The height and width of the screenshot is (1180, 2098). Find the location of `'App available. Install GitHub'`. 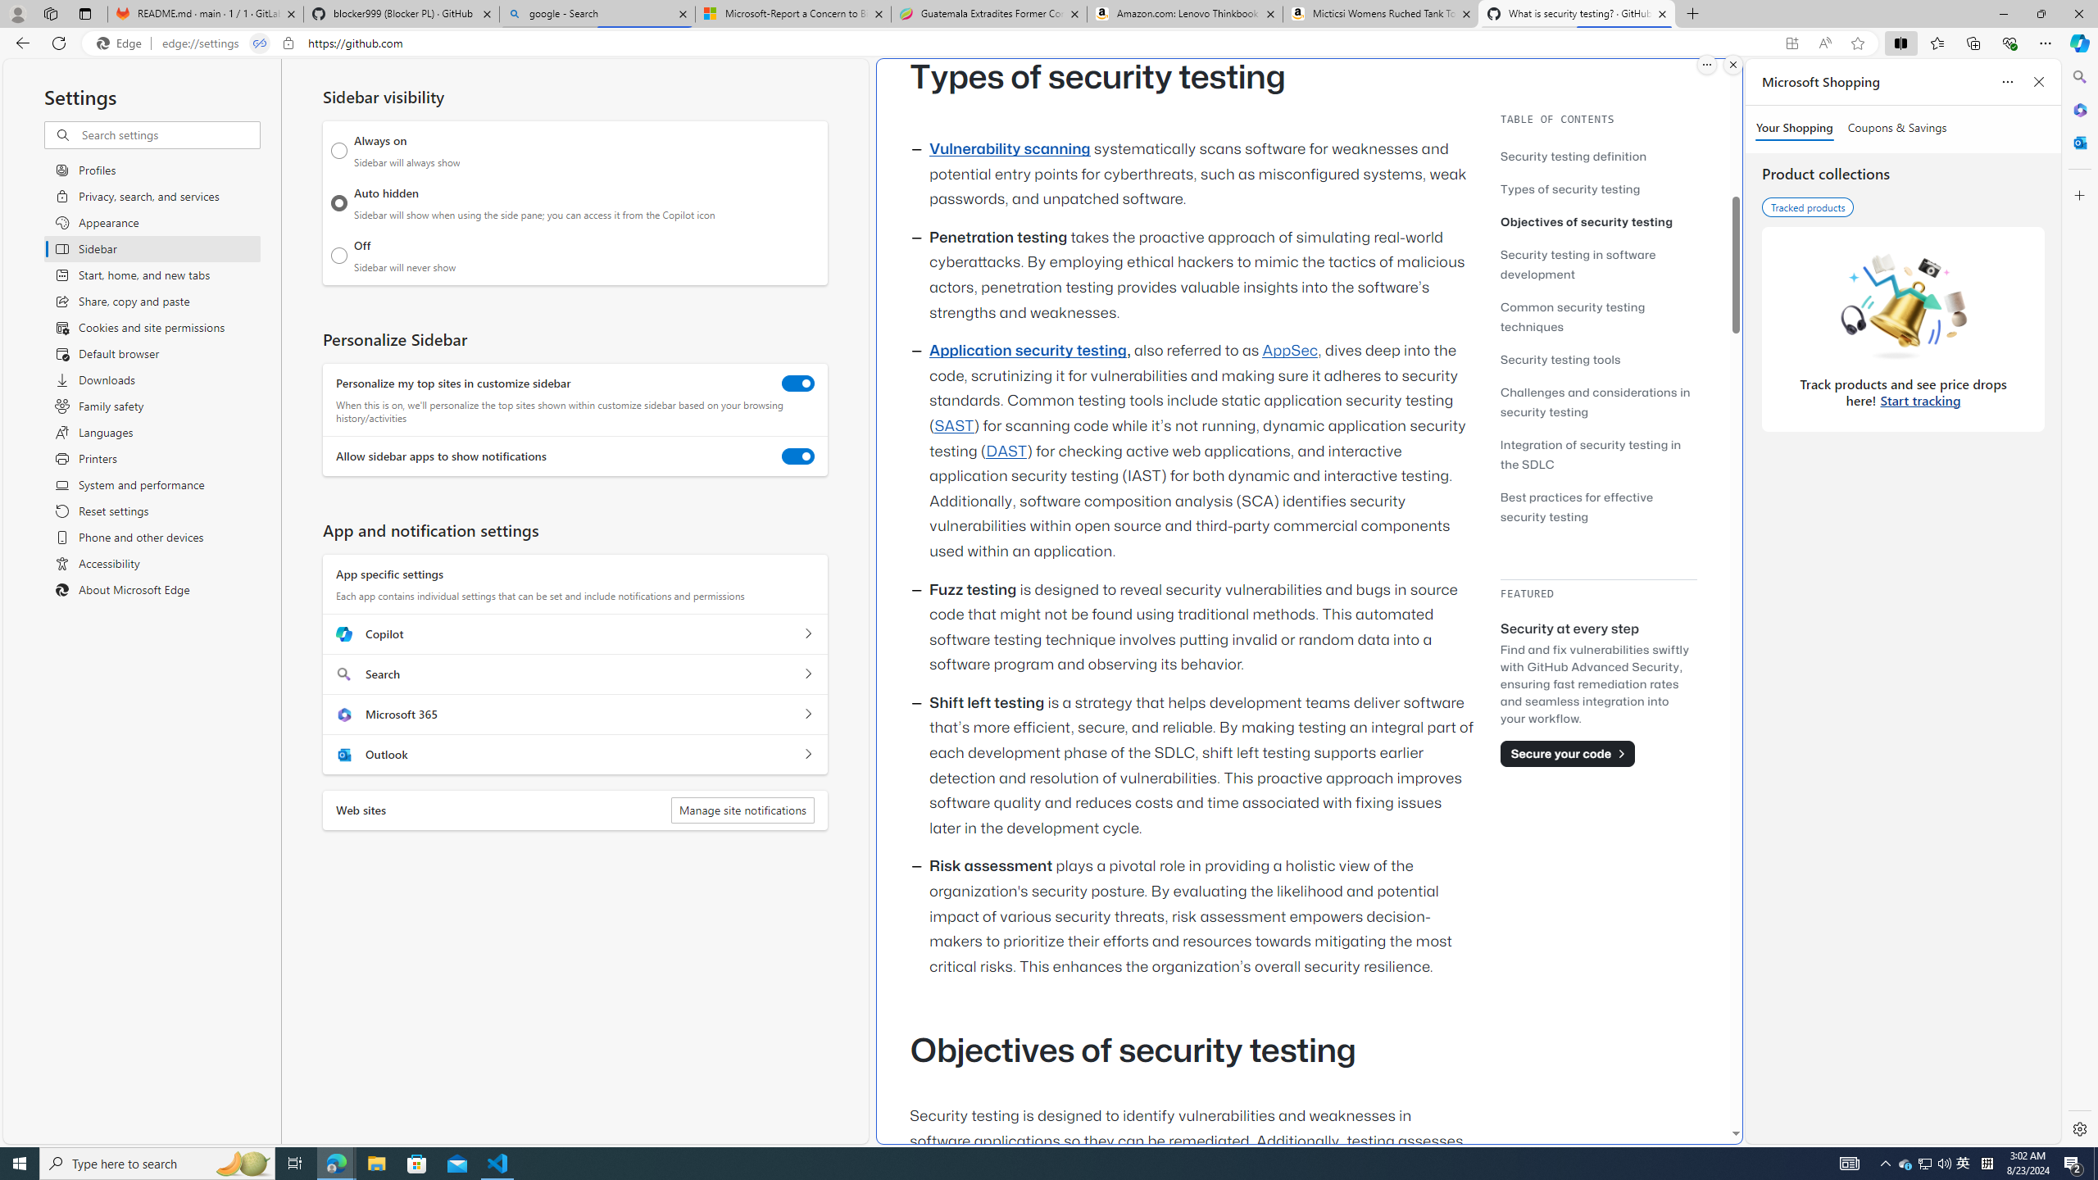

'App available. Install GitHub' is located at coordinates (1791, 43).